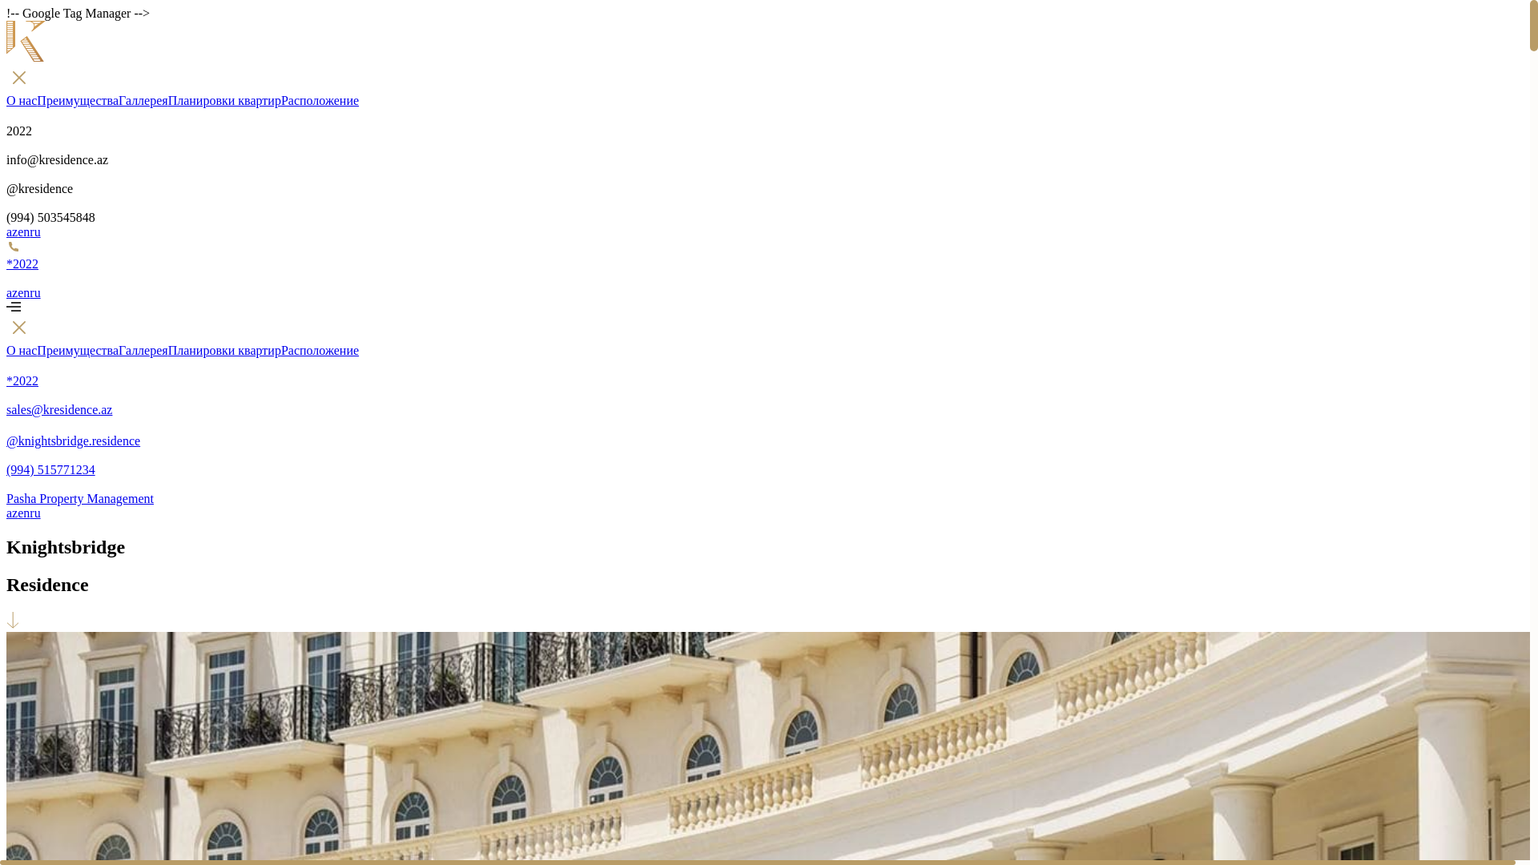 The image size is (1538, 865). What do you see at coordinates (23, 513) in the screenshot?
I see `'en'` at bounding box center [23, 513].